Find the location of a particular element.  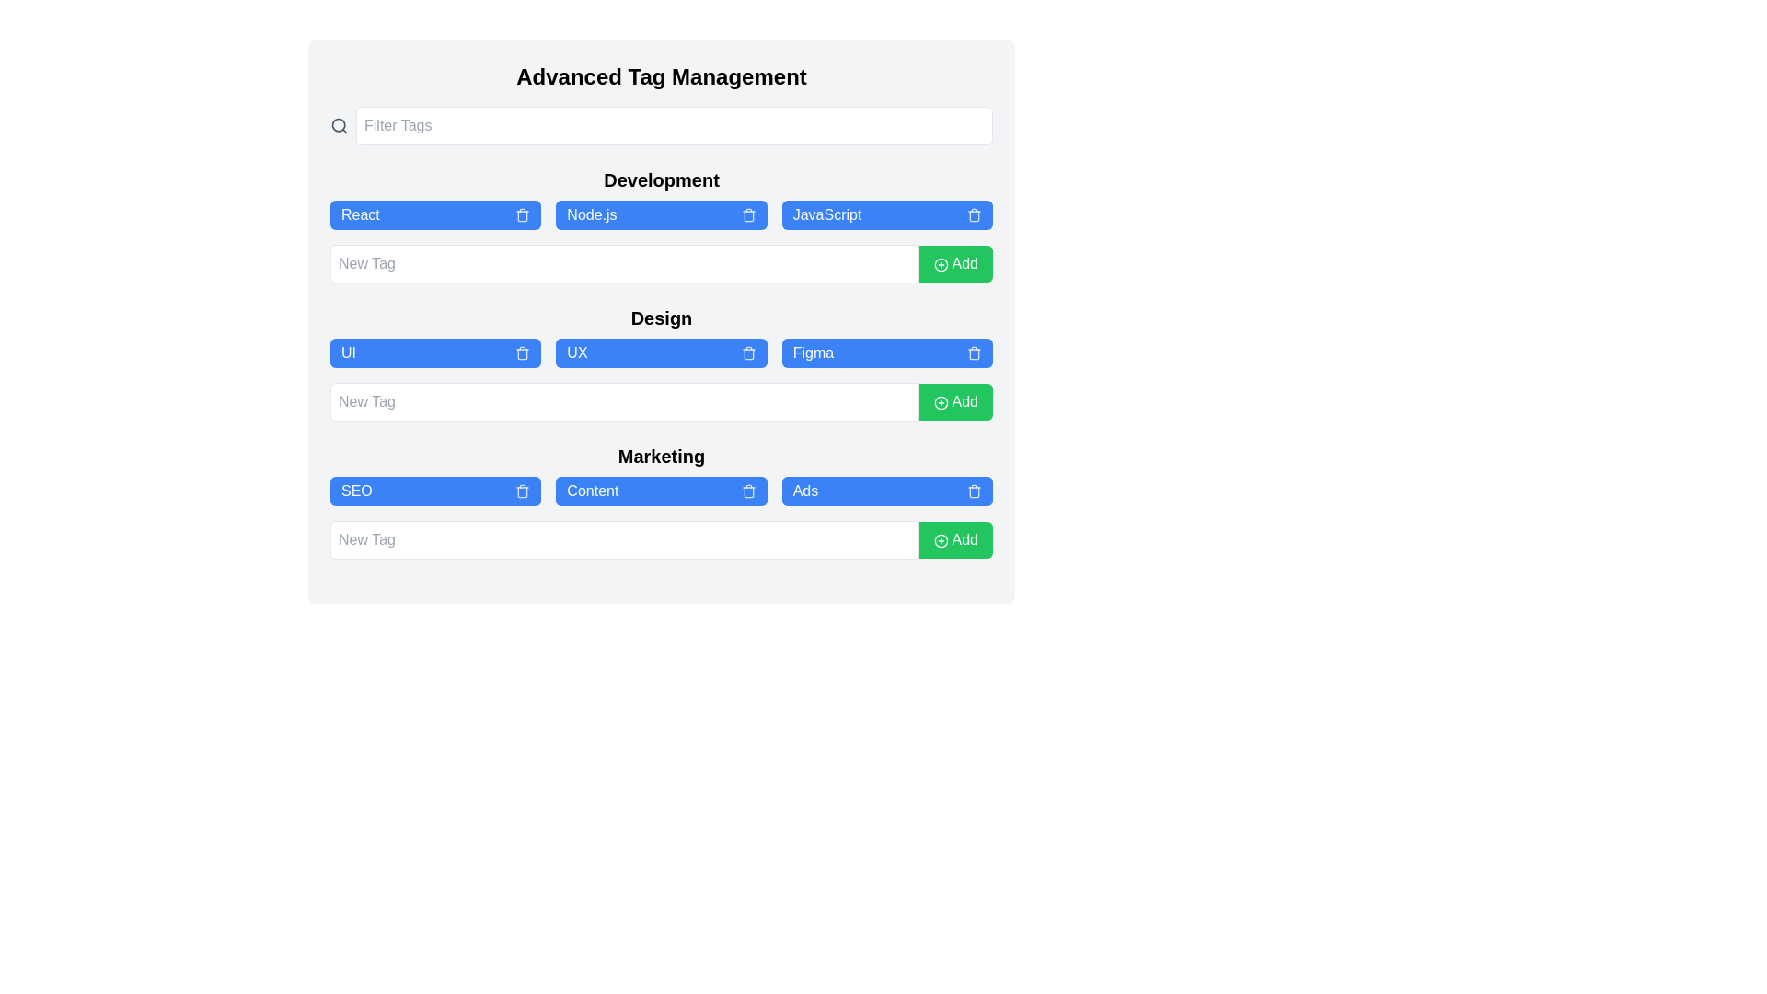

the 'Ads' text label located in the bottom-right corner of the 'Marketing' section is located at coordinates (805, 490).